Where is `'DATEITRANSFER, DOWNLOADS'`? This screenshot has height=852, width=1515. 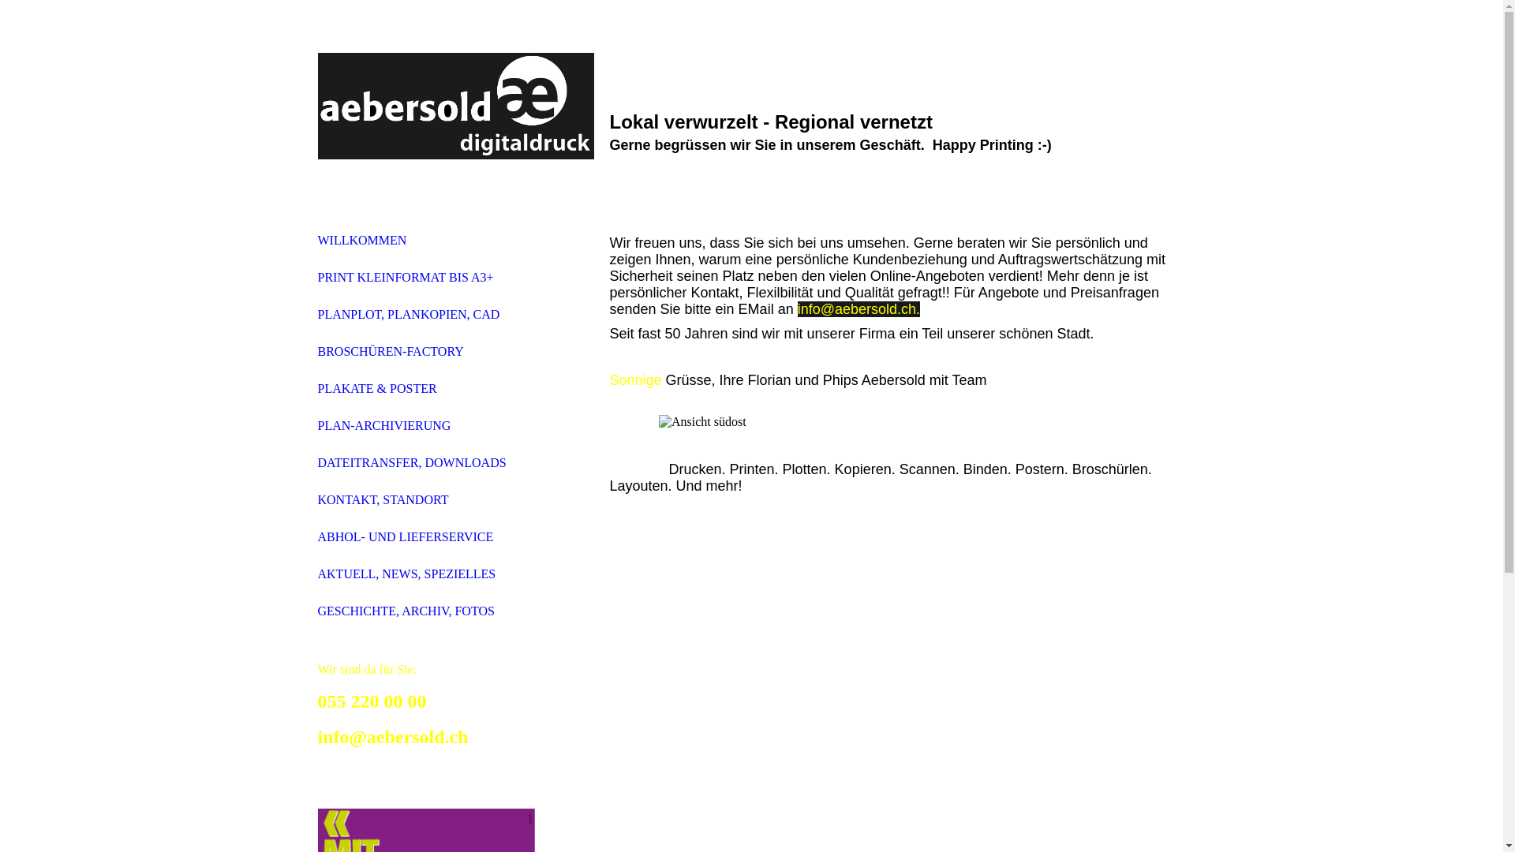 'DATEITRANSFER, DOWNLOADS' is located at coordinates (411, 461).